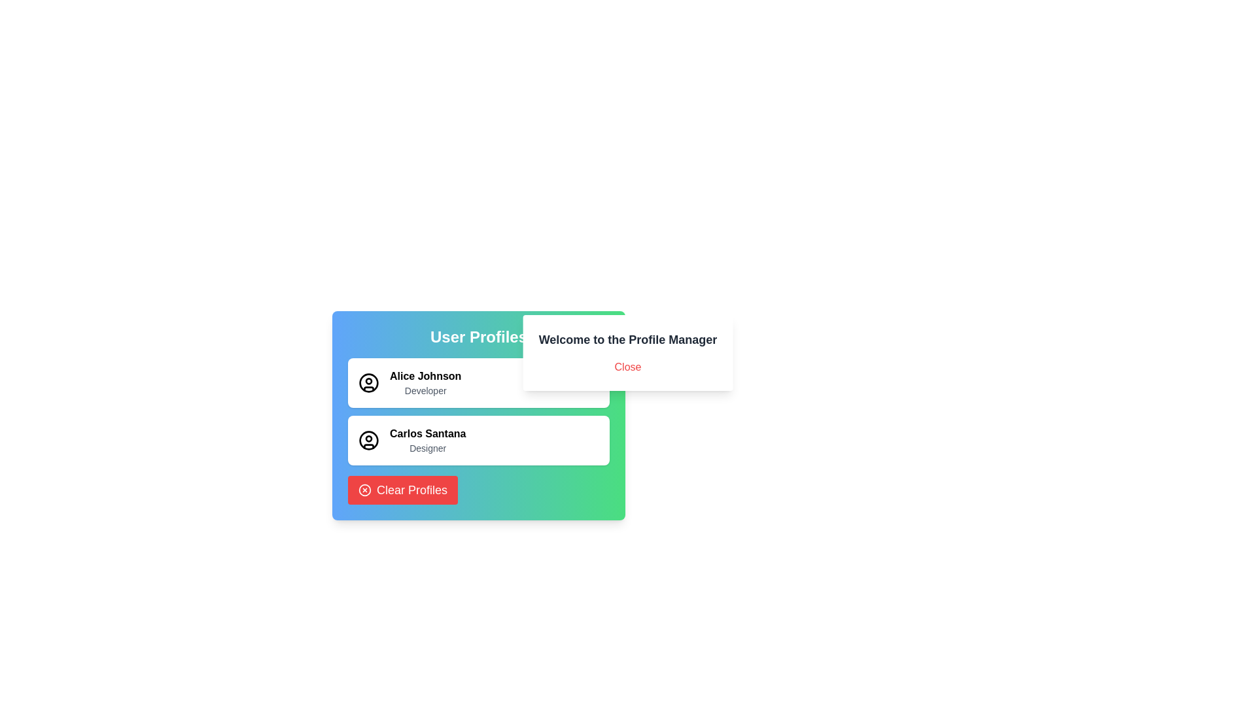 The width and height of the screenshot is (1256, 706). I want to click on name and title displayed in the second user profile text block, which is located below 'Alice Johnson' and above the 'Clear Profiles' button, so click(428, 441).